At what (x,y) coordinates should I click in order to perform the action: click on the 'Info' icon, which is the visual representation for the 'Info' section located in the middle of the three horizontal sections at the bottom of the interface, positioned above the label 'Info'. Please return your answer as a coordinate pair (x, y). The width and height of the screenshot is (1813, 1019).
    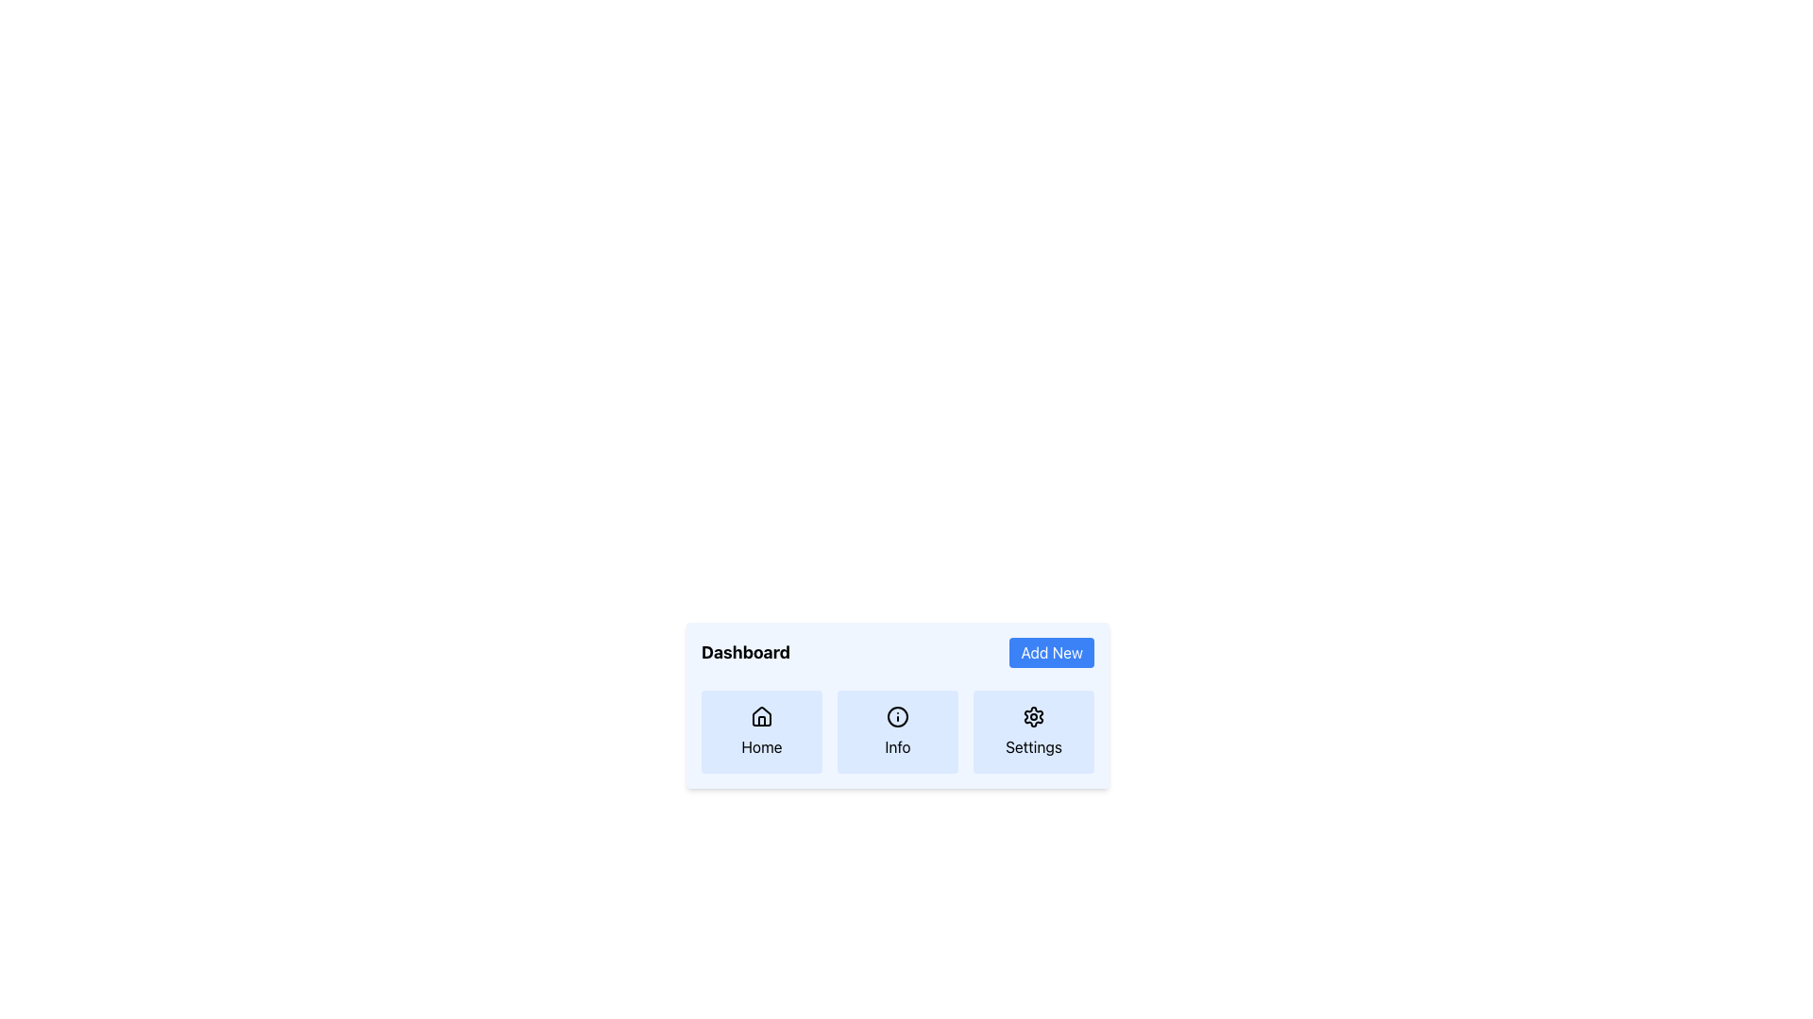
    Looking at the image, I should click on (896, 716).